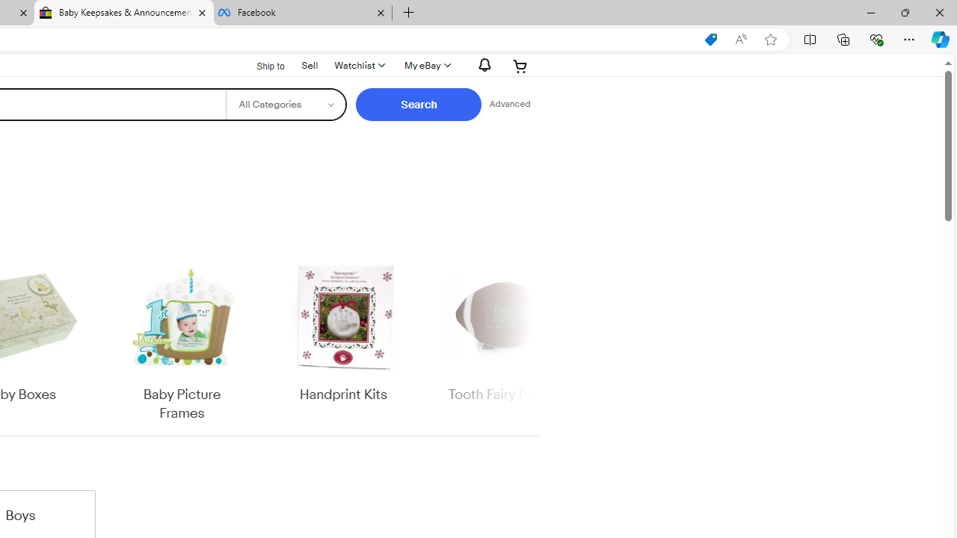  I want to click on 'Ship to', so click(261, 64).